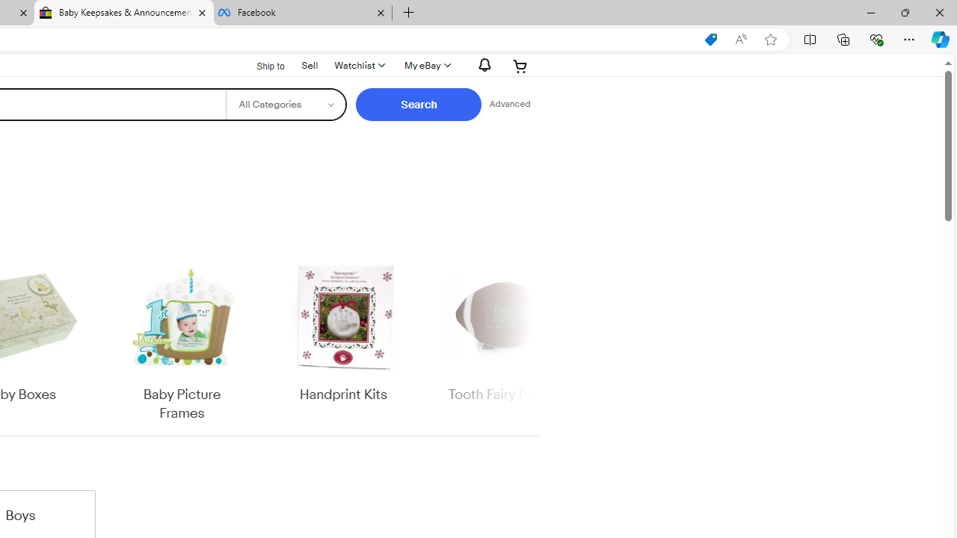  I want to click on 'Ship to', so click(261, 64).